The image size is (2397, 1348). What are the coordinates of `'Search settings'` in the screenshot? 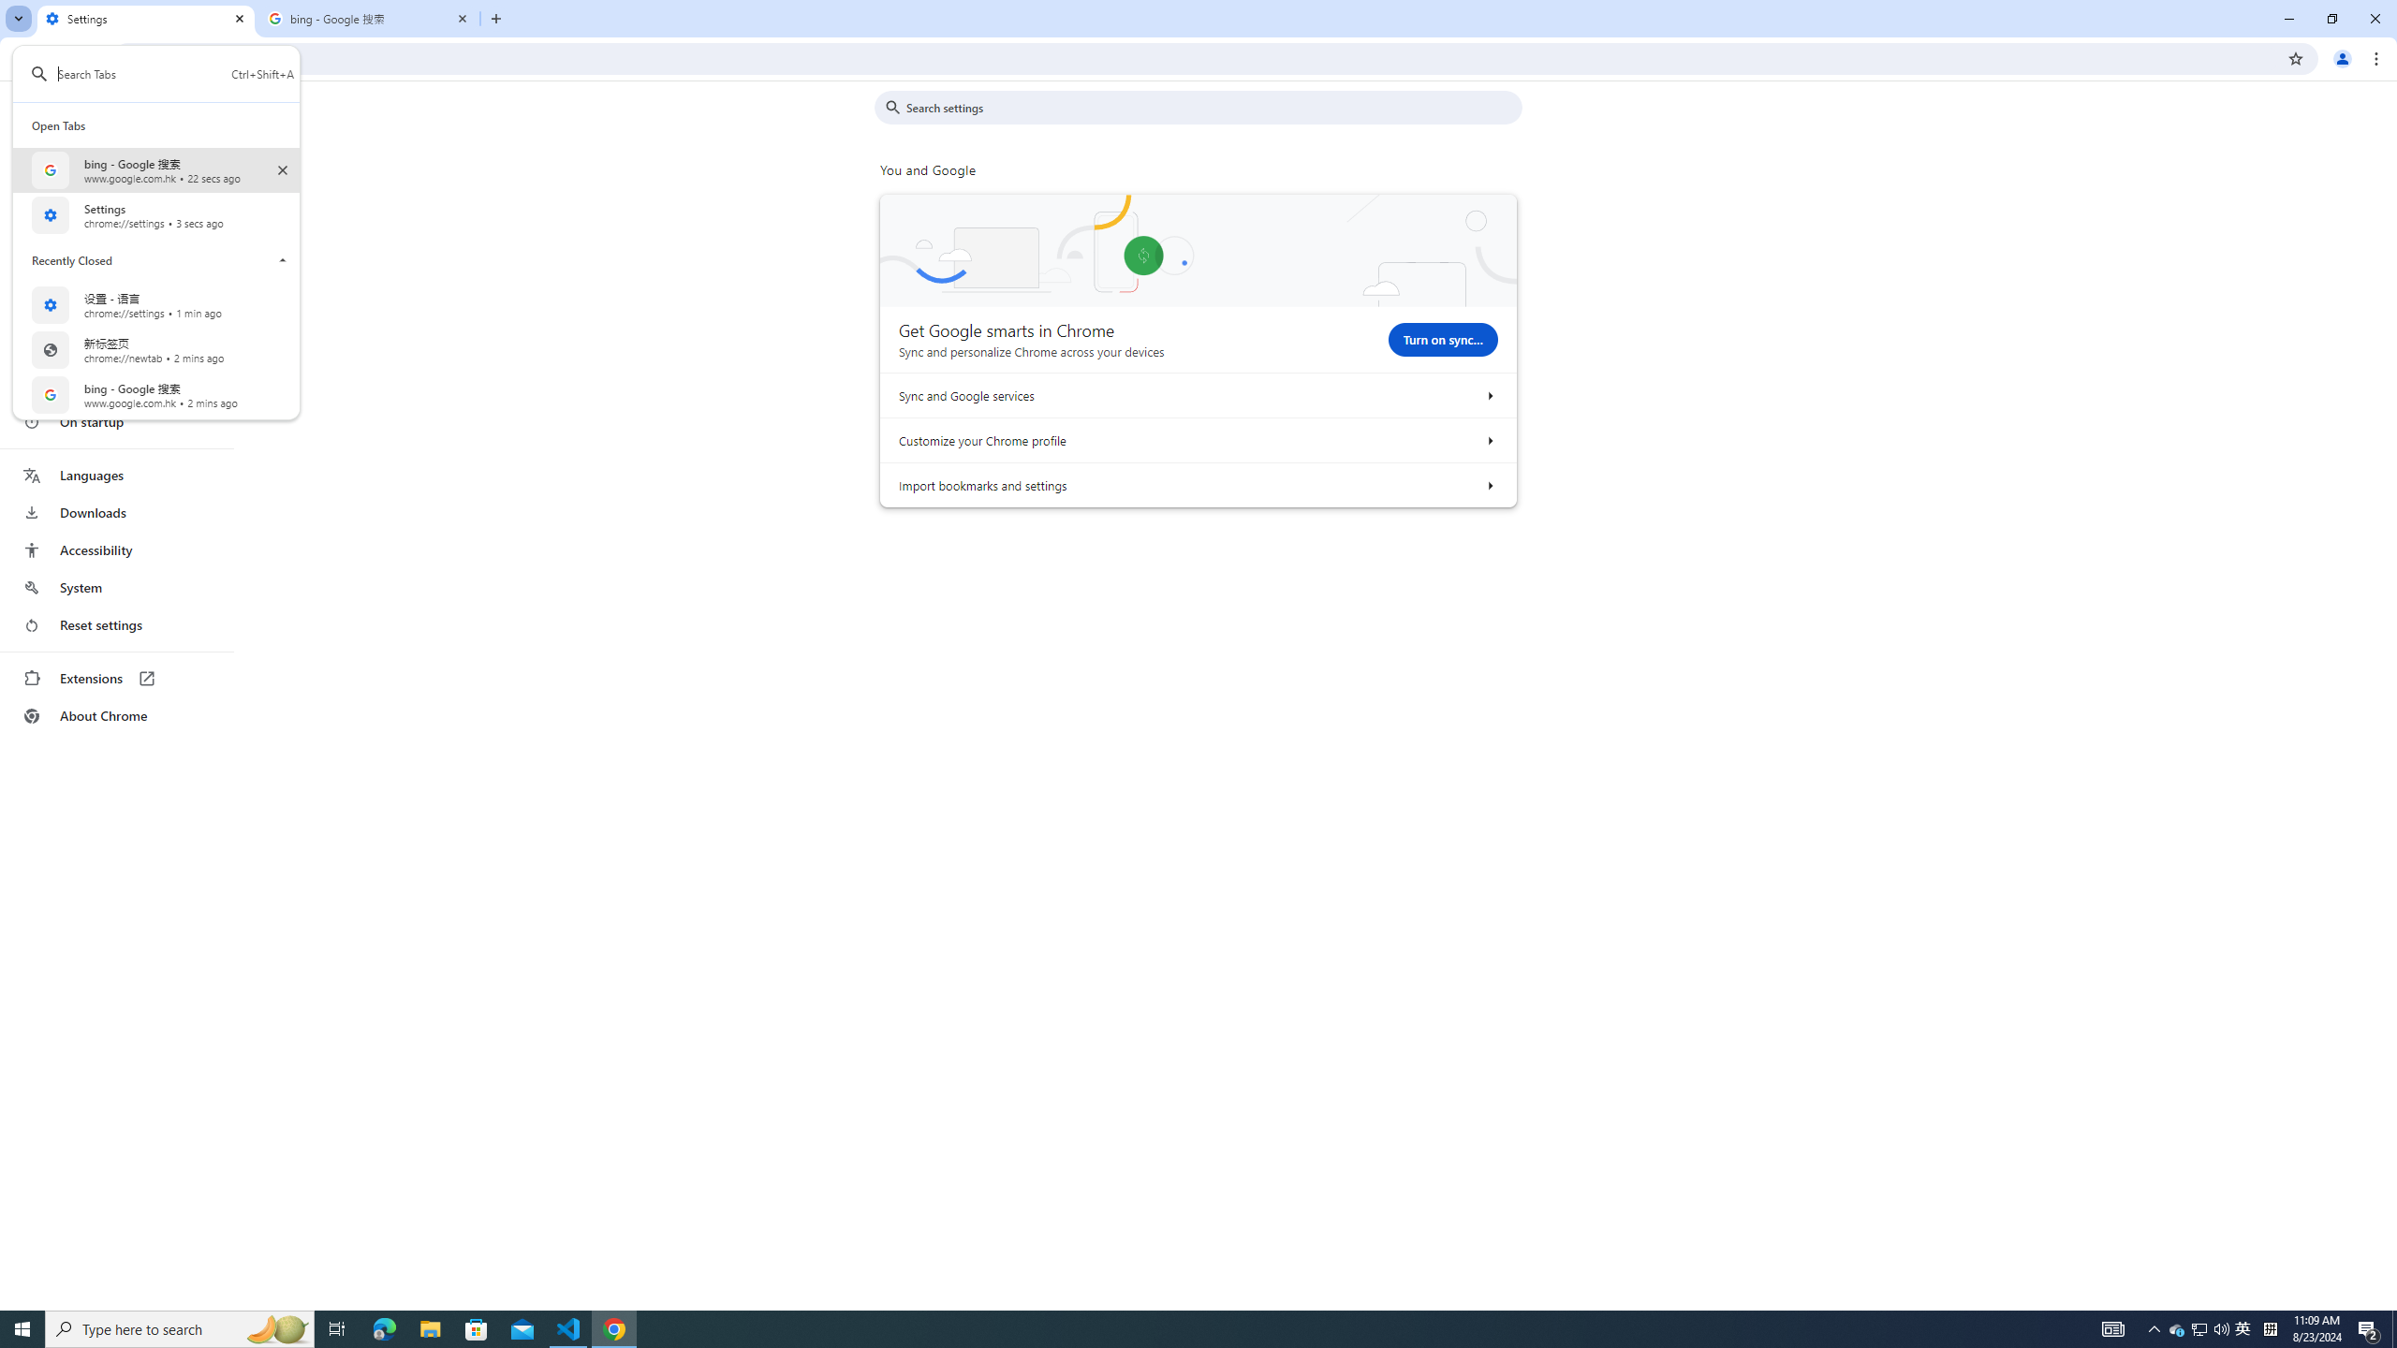 It's located at (1211, 107).